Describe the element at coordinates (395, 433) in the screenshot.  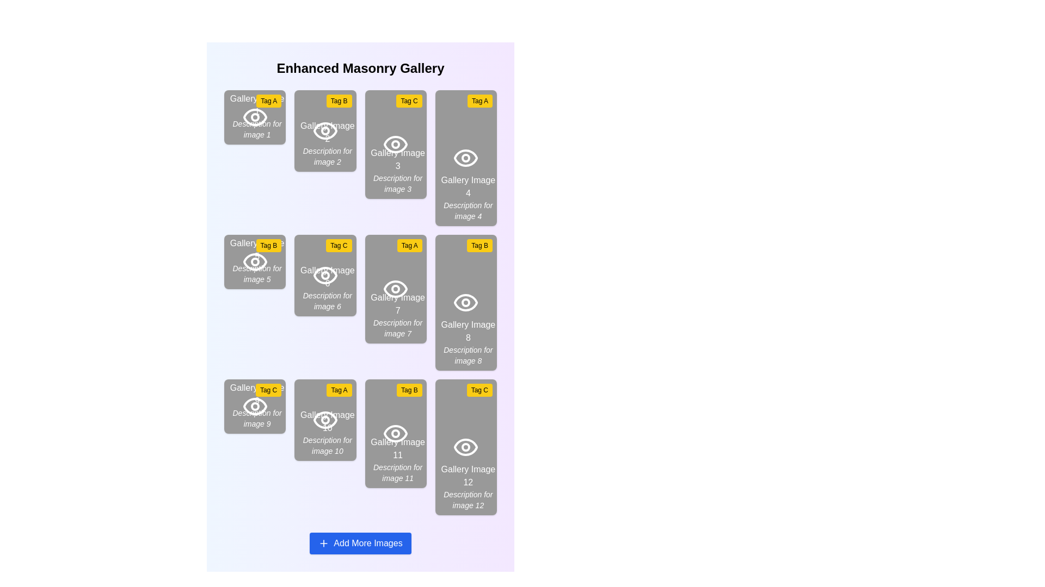
I see `the inner circle of the eye icon associated with the 'Gallery Image 11' tile, which is visually represented as a small dot or circle within the SVG element` at that location.